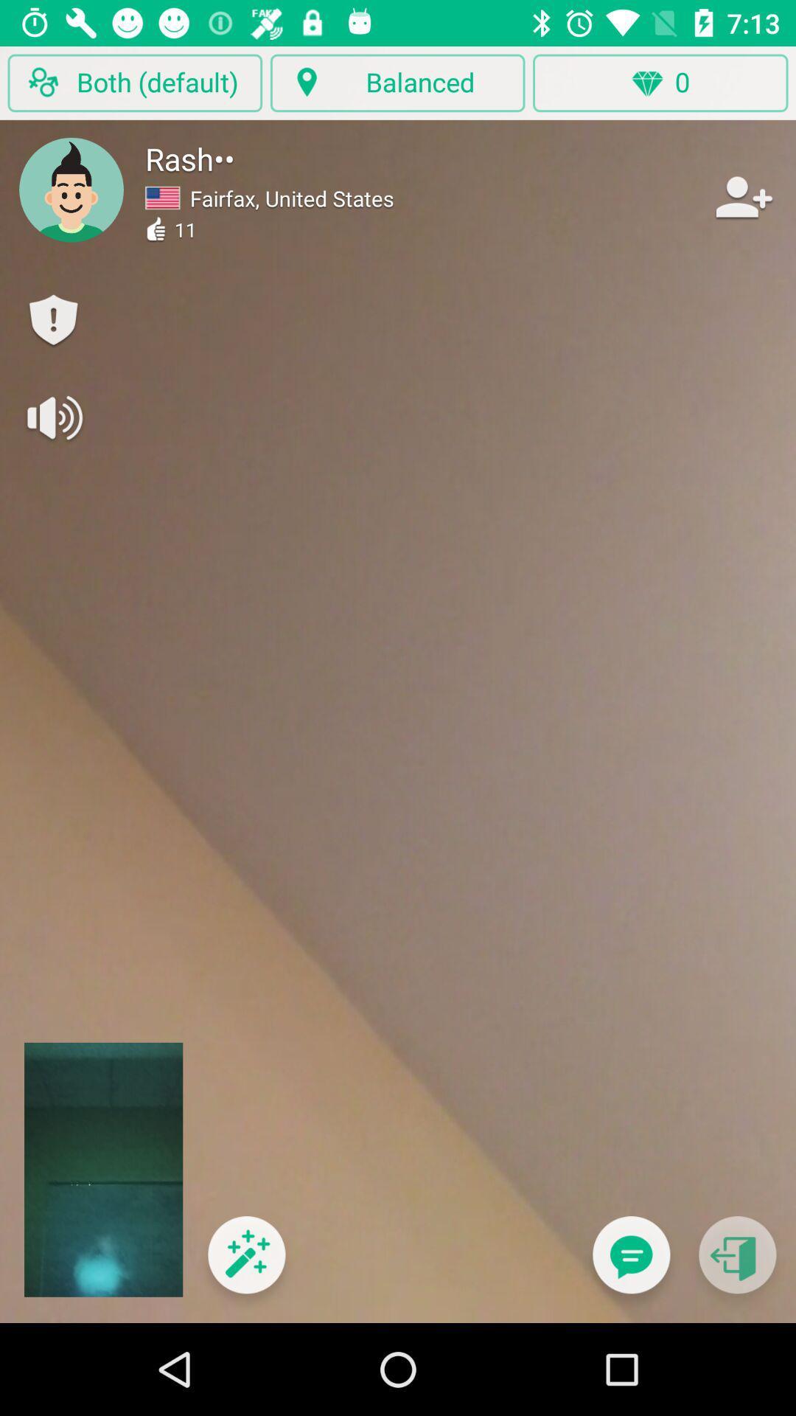 The width and height of the screenshot is (796, 1416). I want to click on go back, so click(737, 1263).